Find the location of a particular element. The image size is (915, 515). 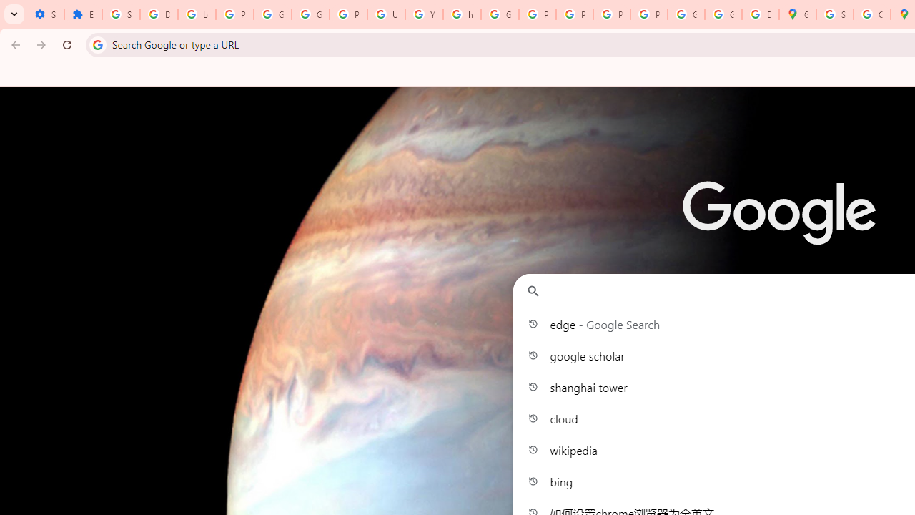

'Extensions' is located at coordinates (82, 14).